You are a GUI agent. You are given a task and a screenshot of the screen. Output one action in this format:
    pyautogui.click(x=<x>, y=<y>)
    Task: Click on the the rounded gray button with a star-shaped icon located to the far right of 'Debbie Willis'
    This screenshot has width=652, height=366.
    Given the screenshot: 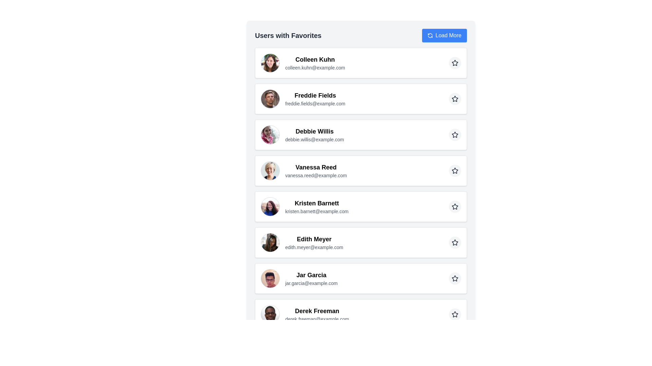 What is the action you would take?
    pyautogui.click(x=455, y=135)
    